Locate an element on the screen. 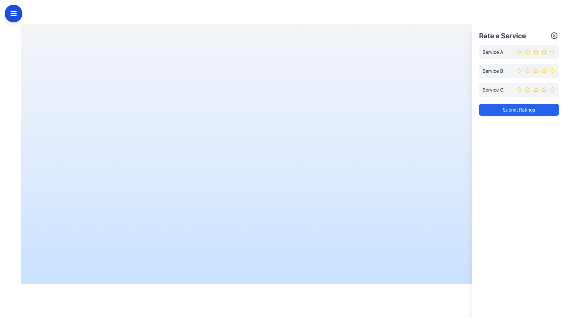 The width and height of the screenshot is (566, 318). the first star in the rating system located beneath the label 'Service C' to rate the service is located at coordinates (519, 90).